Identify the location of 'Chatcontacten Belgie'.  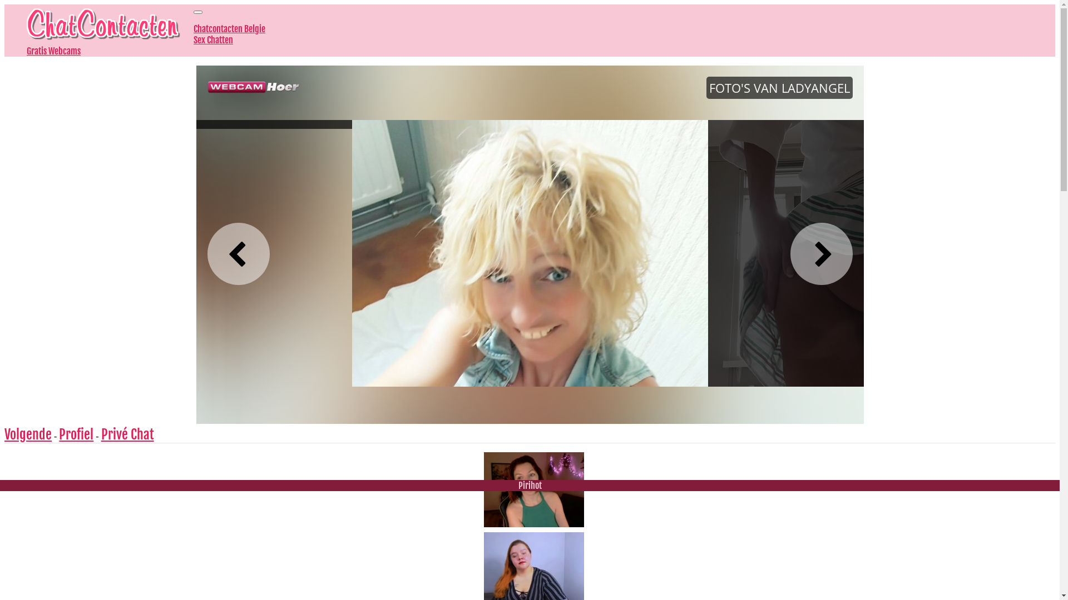
(193, 28).